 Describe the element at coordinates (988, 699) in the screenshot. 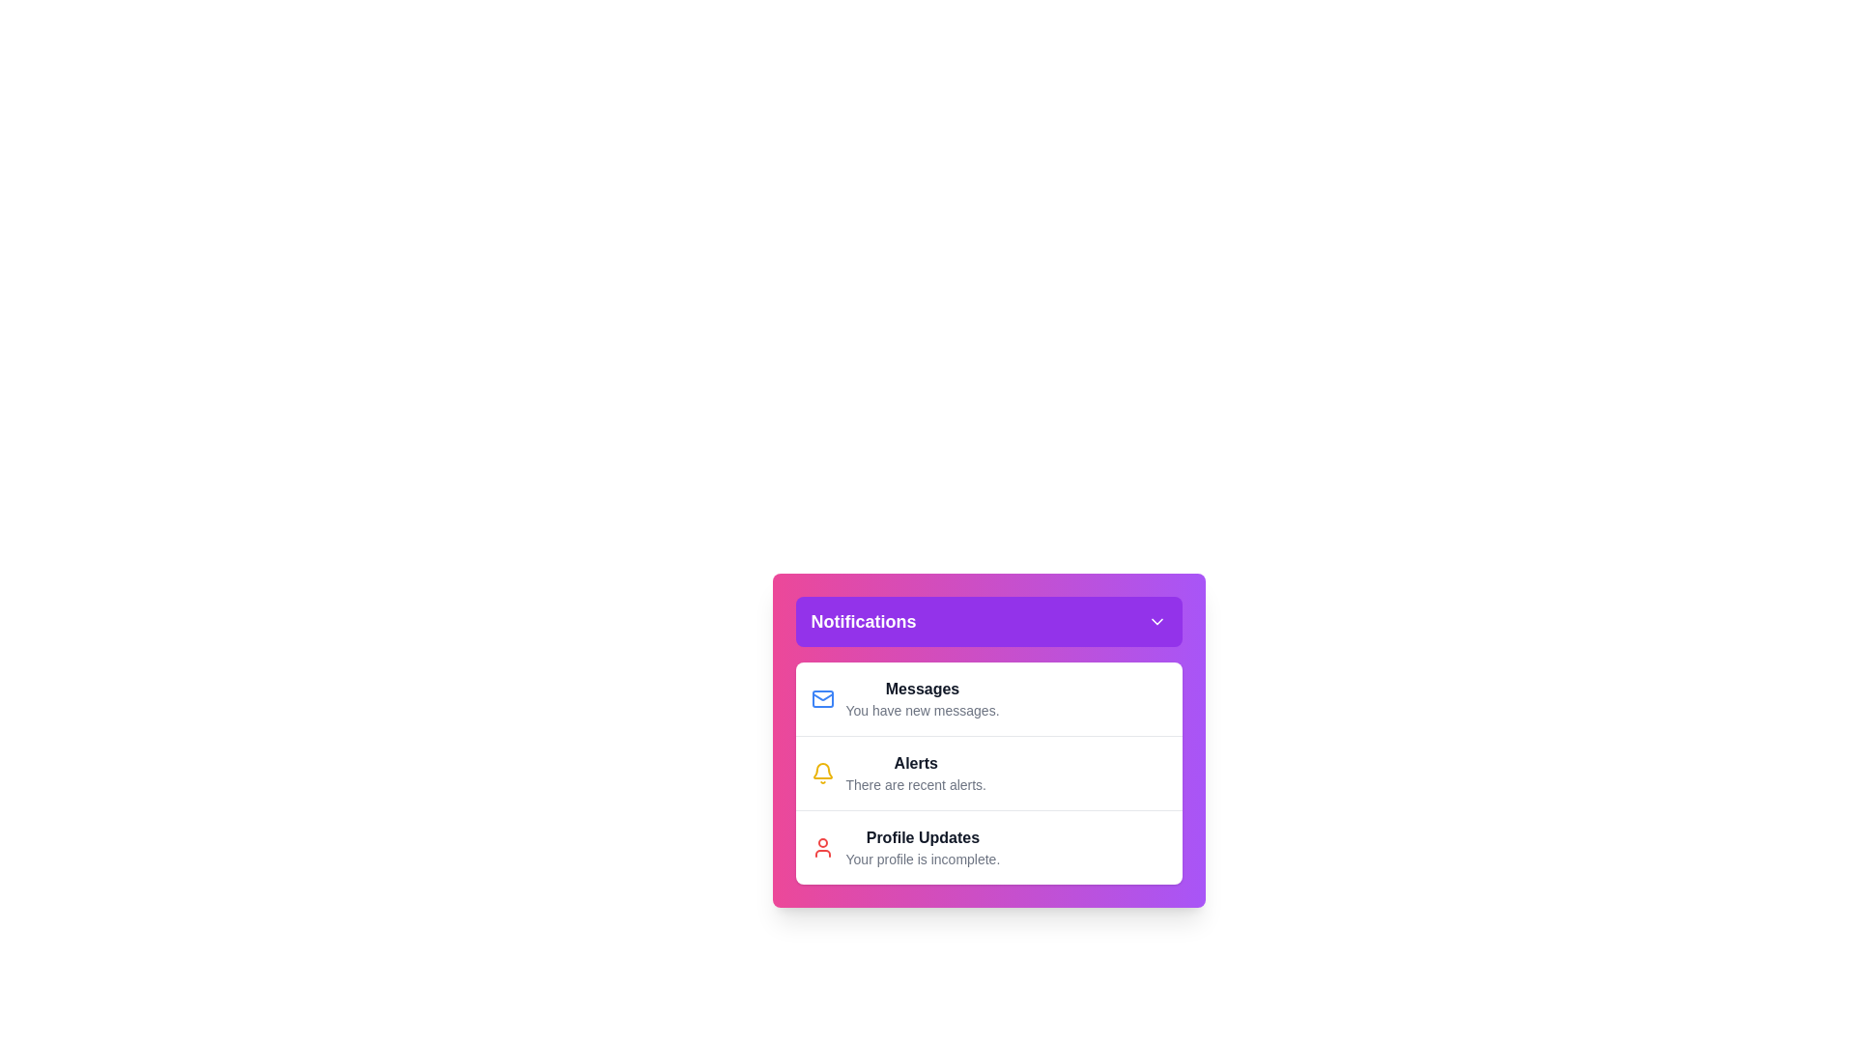

I see `the button-like list item labeled 'Messages' with a blue envelope icon` at that location.